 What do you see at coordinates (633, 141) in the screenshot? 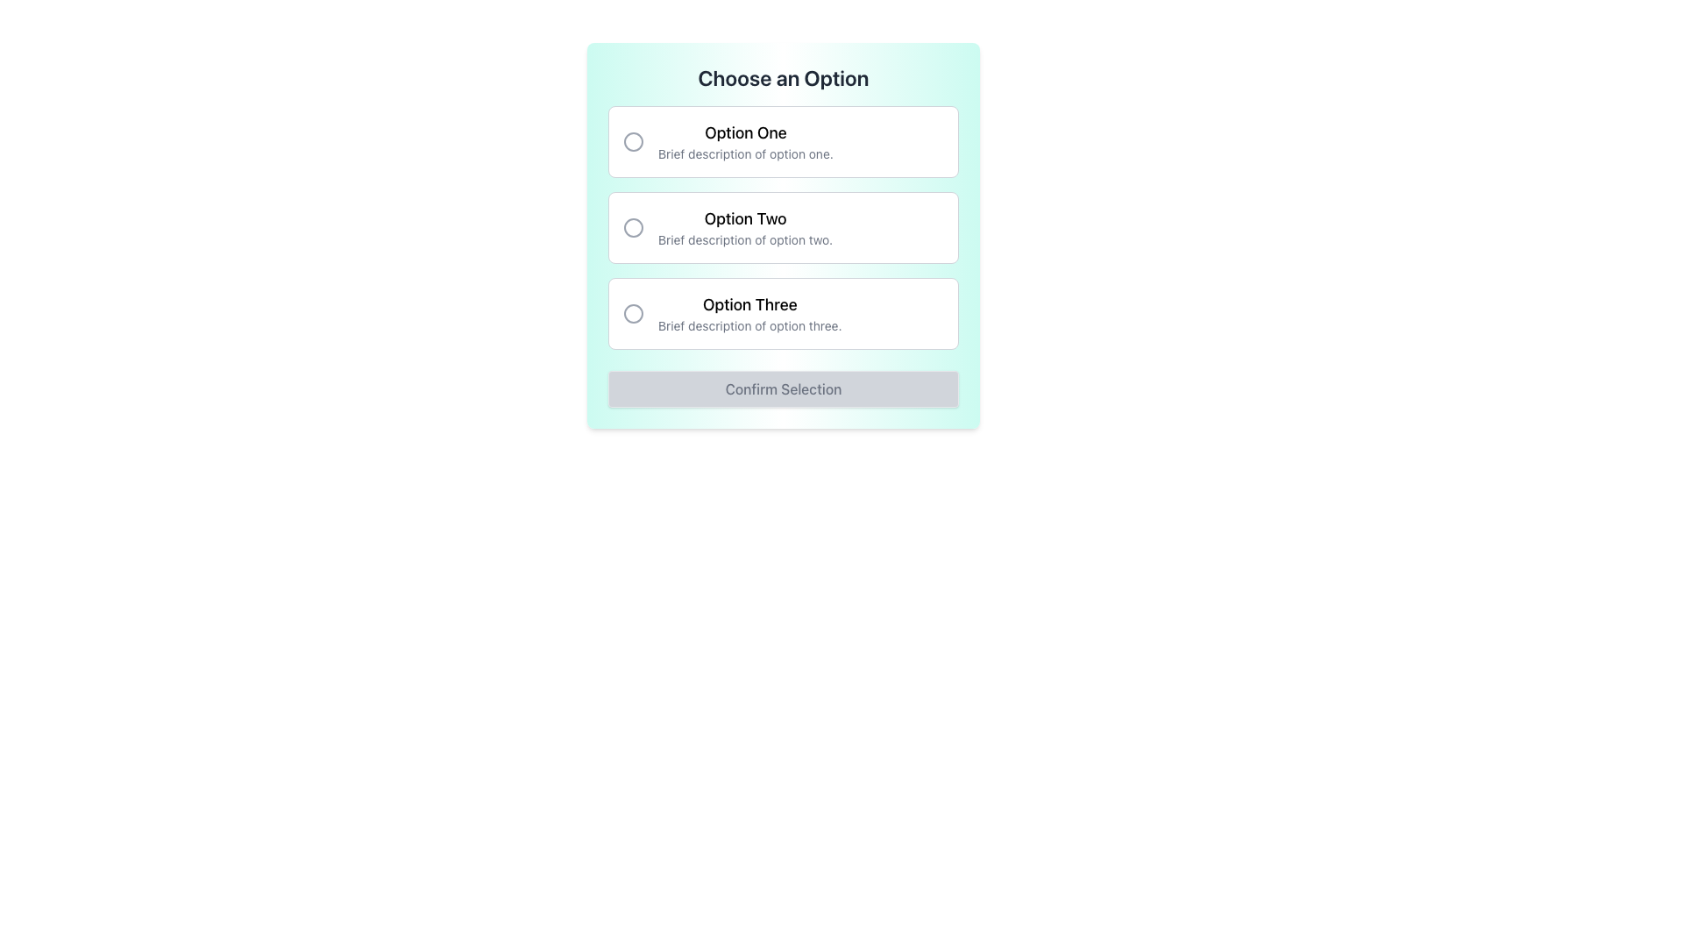
I see `the first circular radio button in the option selection interface, which is aligned to the left of the text 'Option One'` at bounding box center [633, 141].